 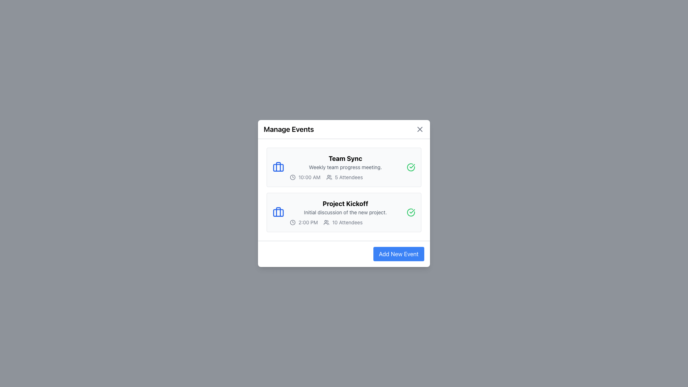 What do you see at coordinates (345, 212) in the screenshot?
I see `the text label displaying 'Initial discussion of the new project.', which is located below the 'Project Kickoff' title in the second event card of the 'Manage Events' dialog` at bounding box center [345, 212].